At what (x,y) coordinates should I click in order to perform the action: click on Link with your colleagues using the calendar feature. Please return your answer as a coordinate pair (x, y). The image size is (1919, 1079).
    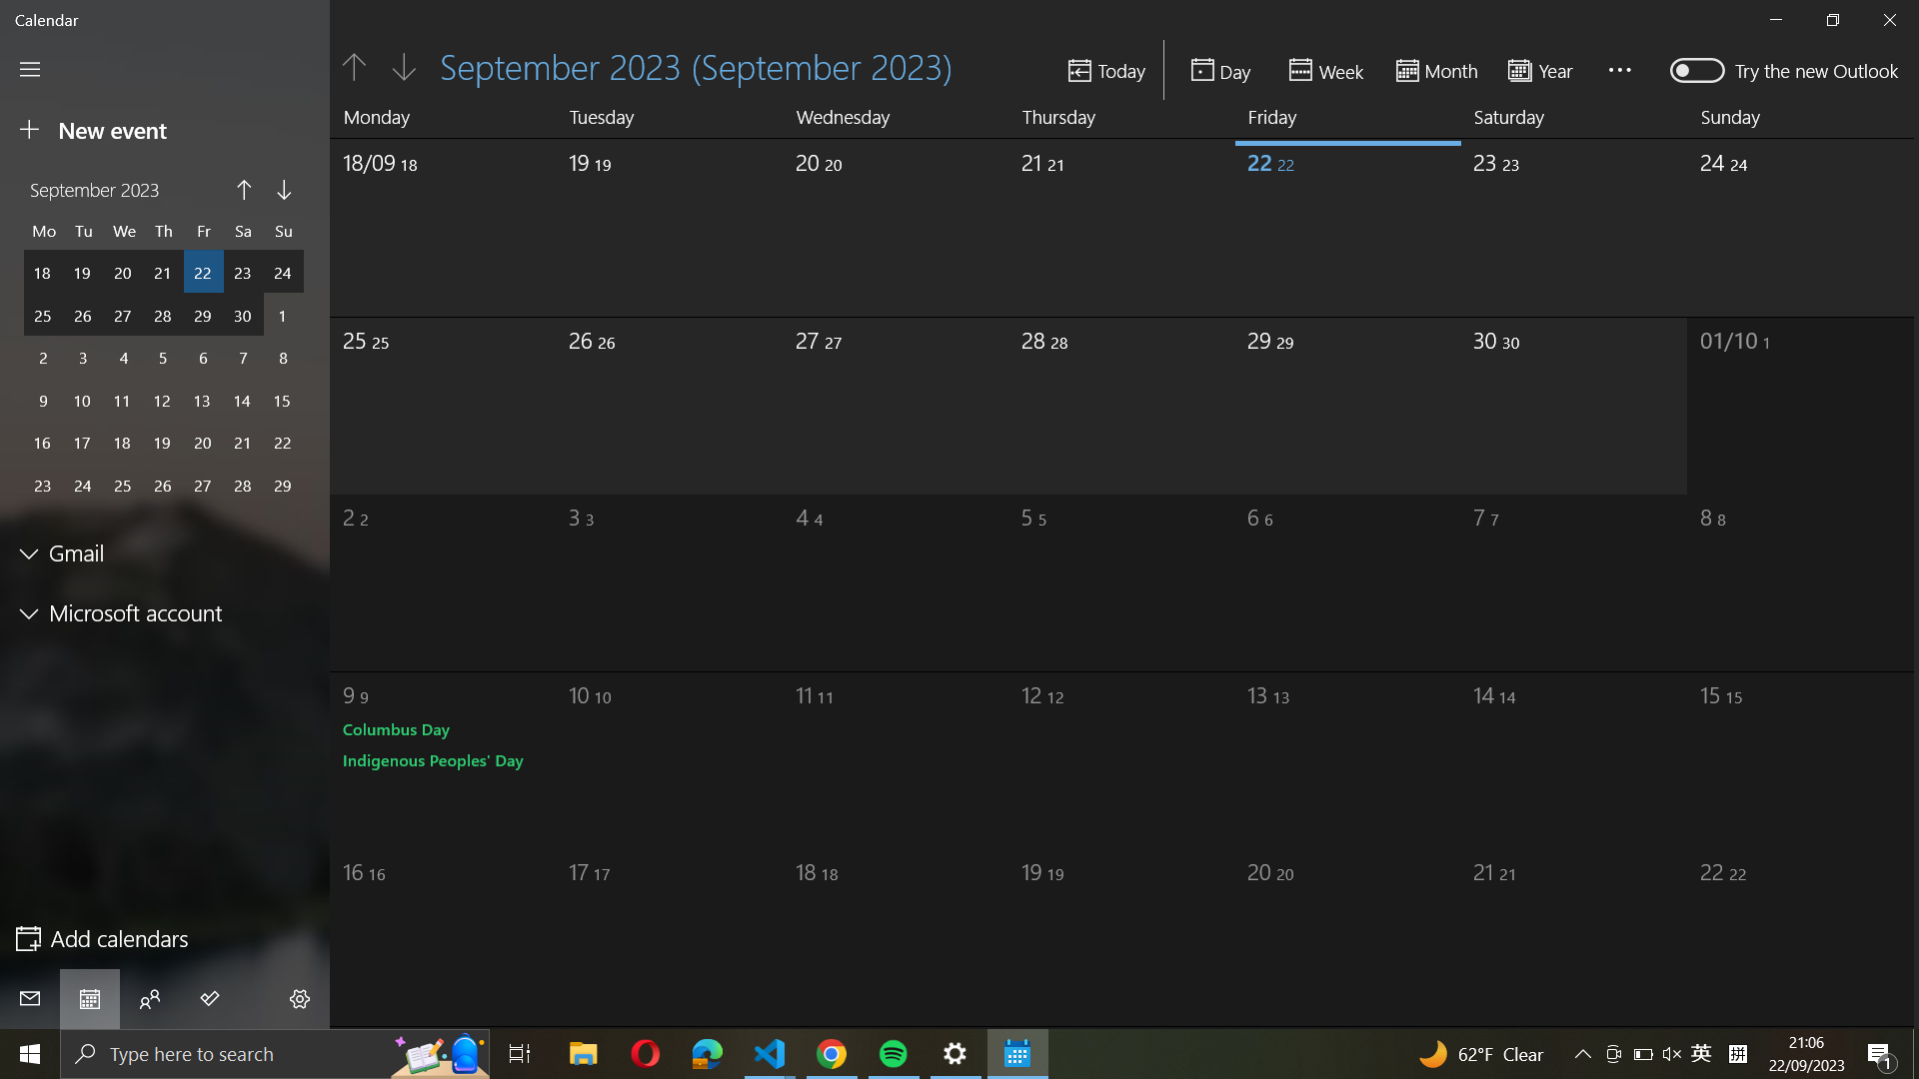
    Looking at the image, I should click on (149, 998).